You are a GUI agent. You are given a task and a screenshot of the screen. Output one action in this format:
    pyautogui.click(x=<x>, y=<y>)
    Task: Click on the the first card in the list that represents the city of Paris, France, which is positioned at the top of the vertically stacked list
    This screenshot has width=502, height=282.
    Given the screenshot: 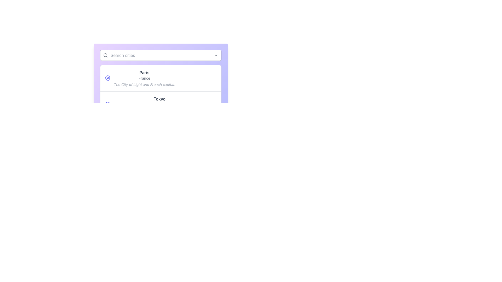 What is the action you would take?
    pyautogui.click(x=160, y=78)
    